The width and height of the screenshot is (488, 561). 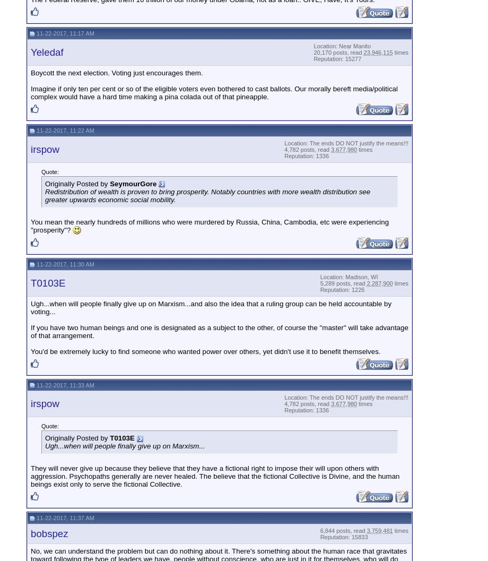 I want to click on 'Reputation: 1226', so click(x=342, y=288).